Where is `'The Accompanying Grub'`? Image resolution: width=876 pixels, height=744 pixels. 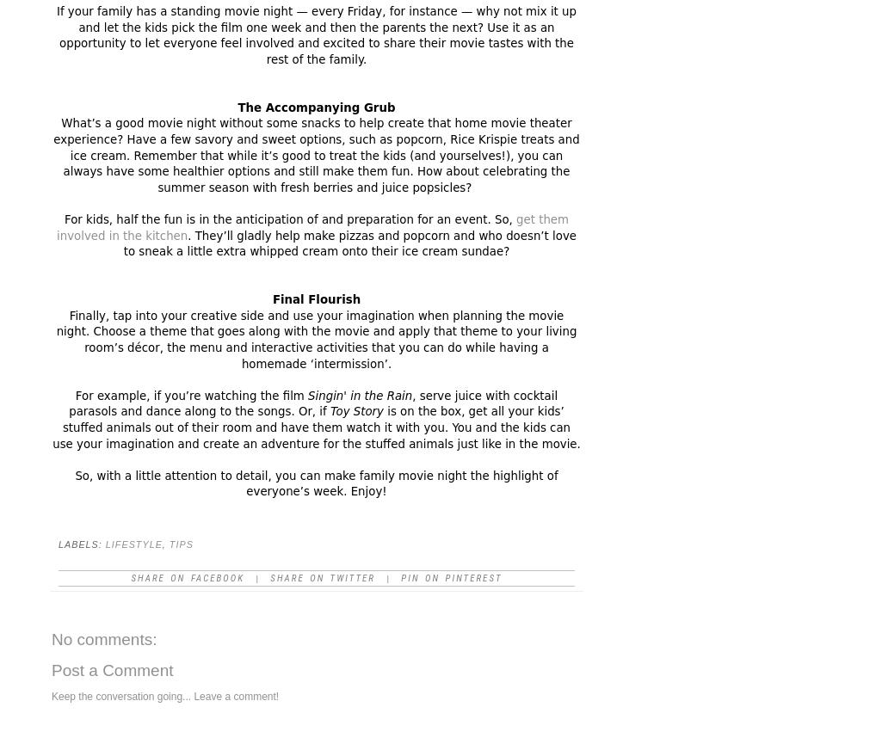 'The Accompanying Grub' is located at coordinates (316, 107).